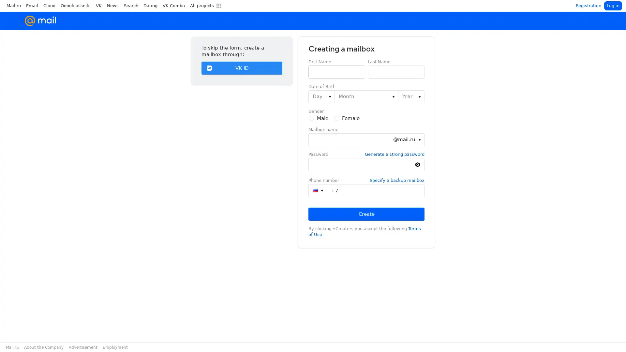 Image resolution: width=626 pixels, height=352 pixels. Describe the element at coordinates (366, 214) in the screenshot. I see `Create` at that location.